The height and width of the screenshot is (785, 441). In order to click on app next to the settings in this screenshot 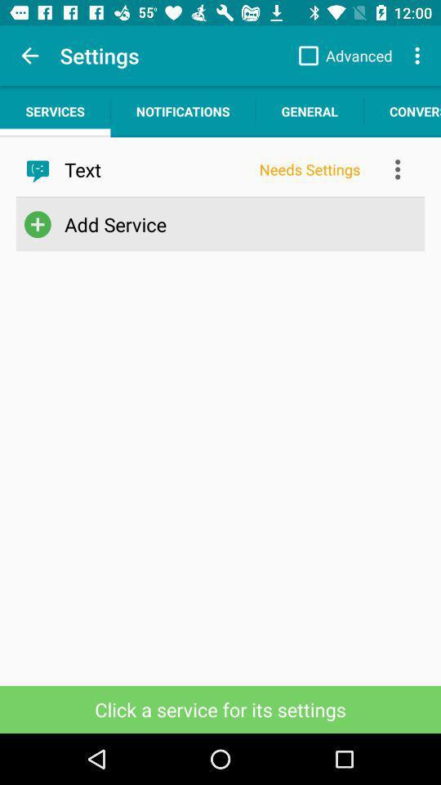, I will do `click(341, 56)`.